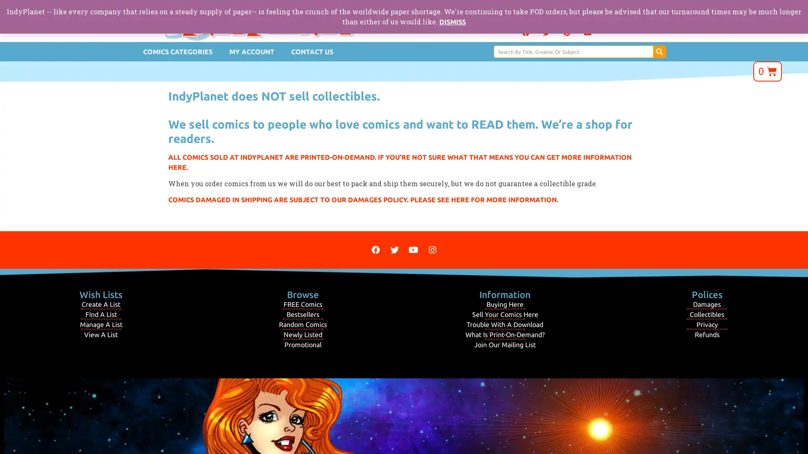 This screenshot has height=454, width=808. I want to click on Search, so click(659, 52).